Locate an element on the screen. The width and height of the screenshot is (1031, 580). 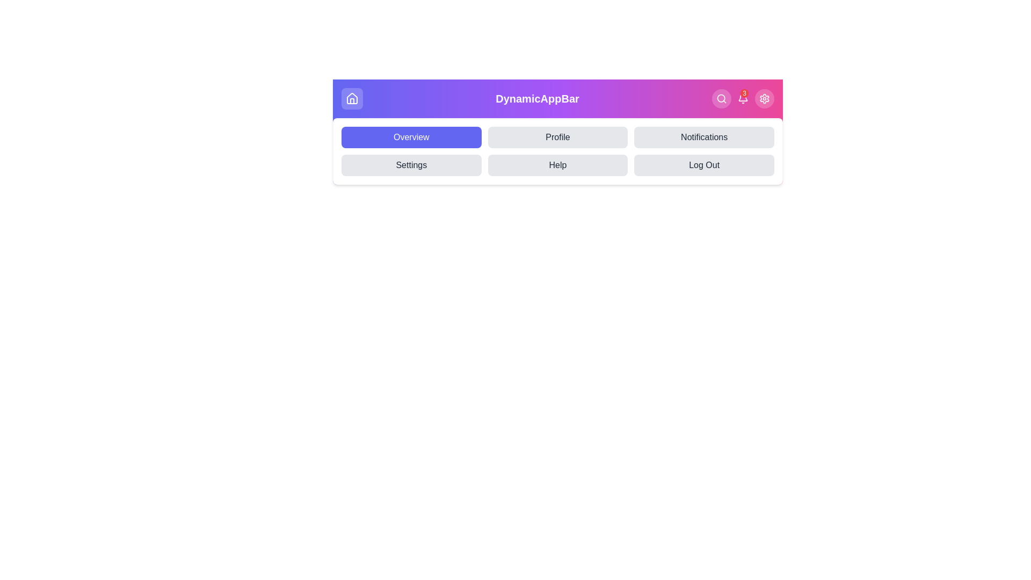
the Notifications tab in the navigation menu is located at coordinates (704, 136).